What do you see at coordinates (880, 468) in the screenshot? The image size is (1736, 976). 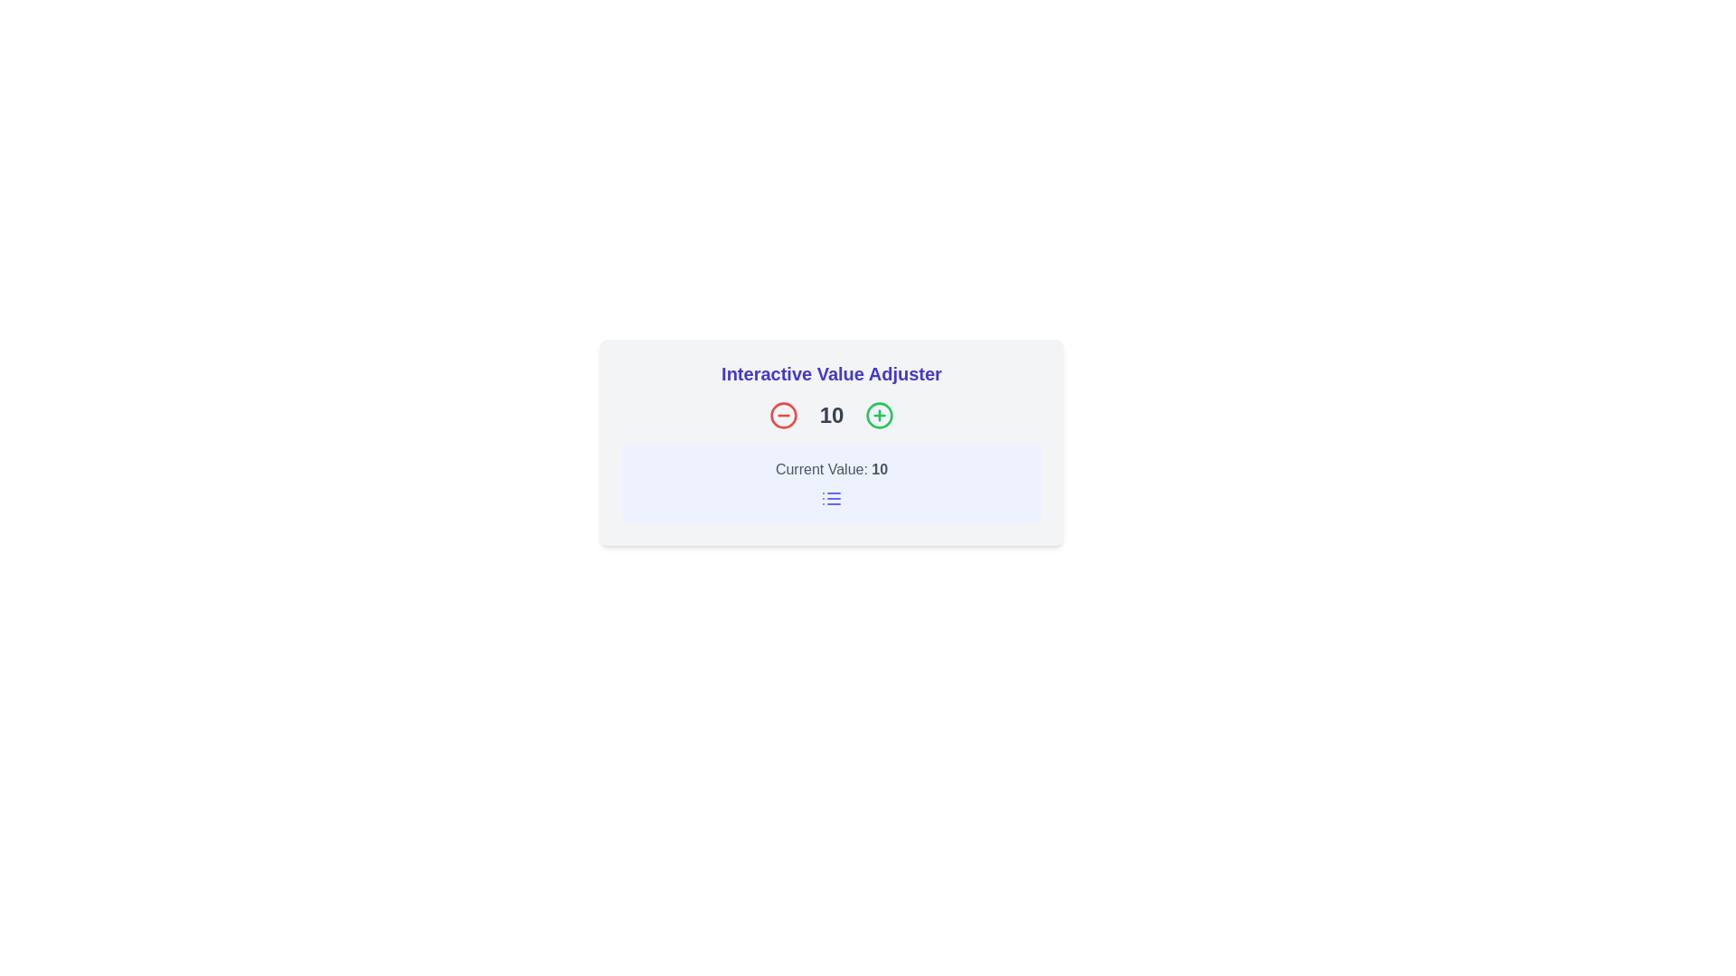 I see `the text label displaying the current numeric value, which is part of the phrase 'Current Value: 10' located below the header and icon row` at bounding box center [880, 468].